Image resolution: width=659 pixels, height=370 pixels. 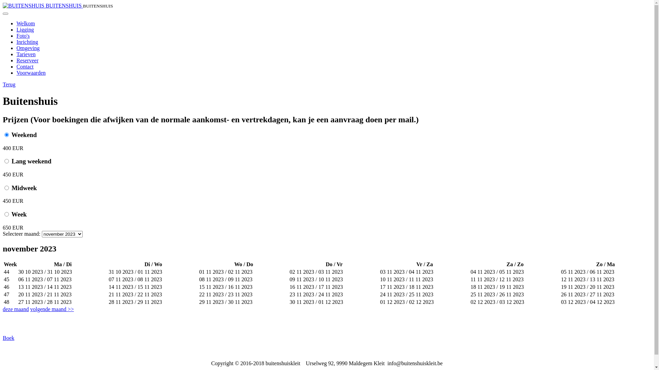 I want to click on 'Contact', so click(x=25, y=66).